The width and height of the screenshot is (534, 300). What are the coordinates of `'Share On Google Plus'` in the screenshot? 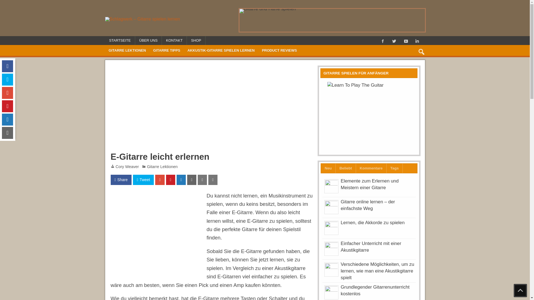 It's located at (159, 180).